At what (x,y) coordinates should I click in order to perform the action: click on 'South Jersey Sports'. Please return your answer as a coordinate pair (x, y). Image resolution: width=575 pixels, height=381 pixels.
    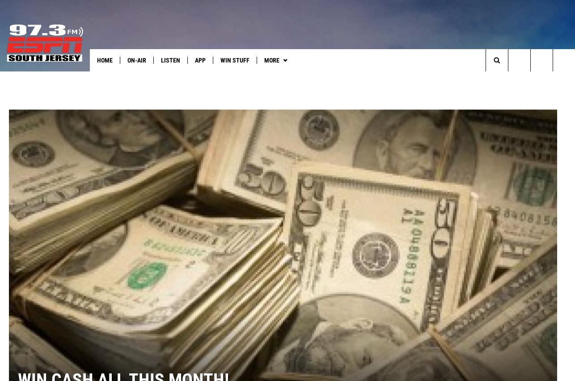
    Looking at the image, I should click on (235, 78).